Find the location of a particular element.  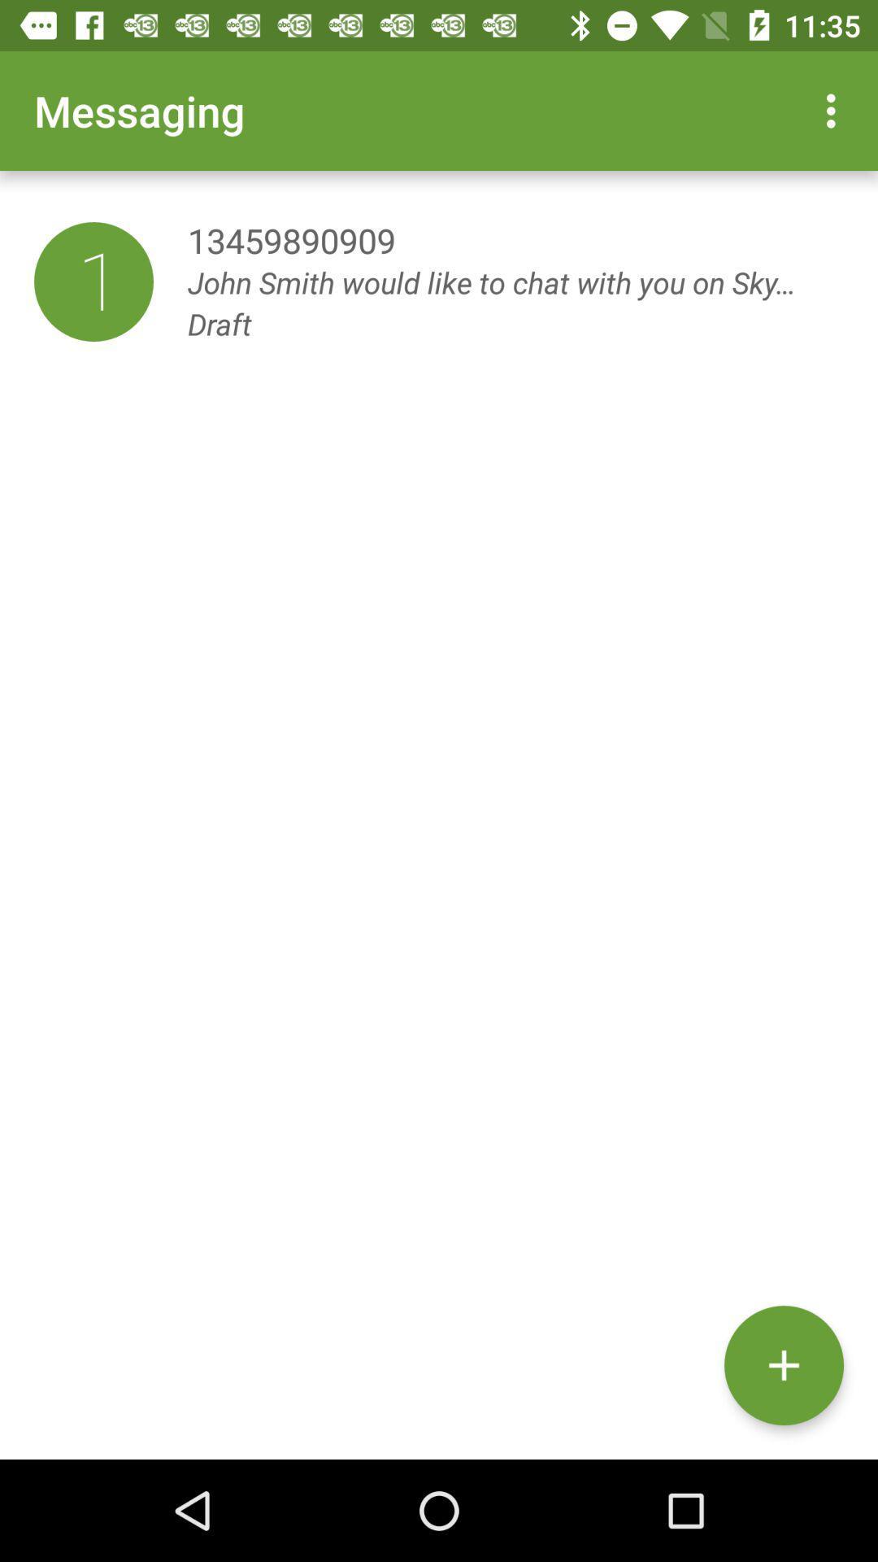

the add icon is located at coordinates (783, 1365).